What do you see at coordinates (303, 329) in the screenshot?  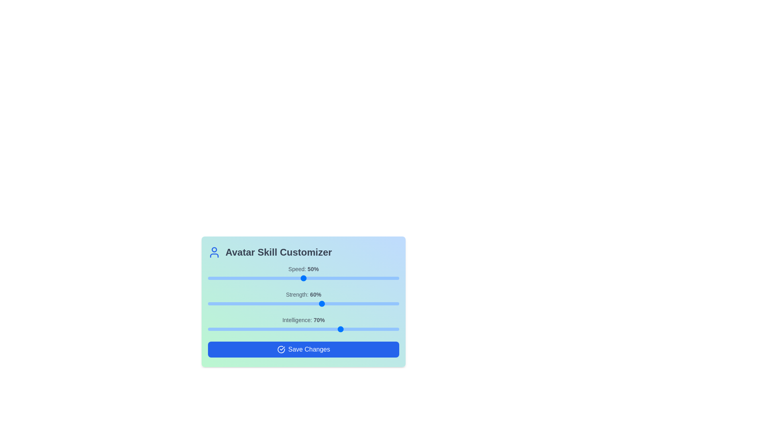 I see `the blue track of the horizontal range slider located below the label 'Intelligence: 70%' to change the position of the slider` at bounding box center [303, 329].